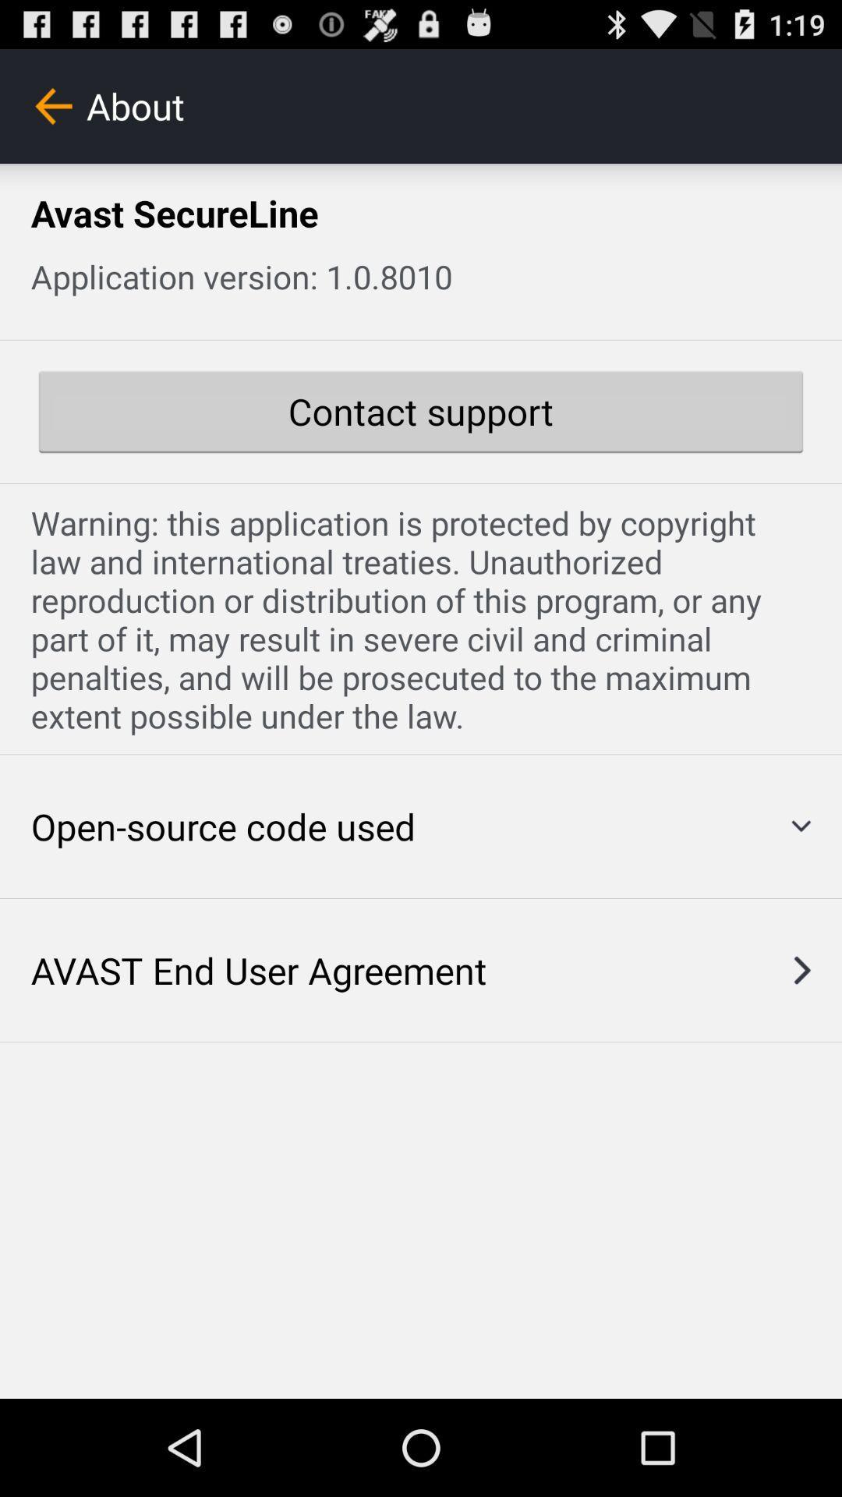 The width and height of the screenshot is (842, 1497). Describe the element at coordinates (421, 618) in the screenshot. I see `the warning this application app` at that location.